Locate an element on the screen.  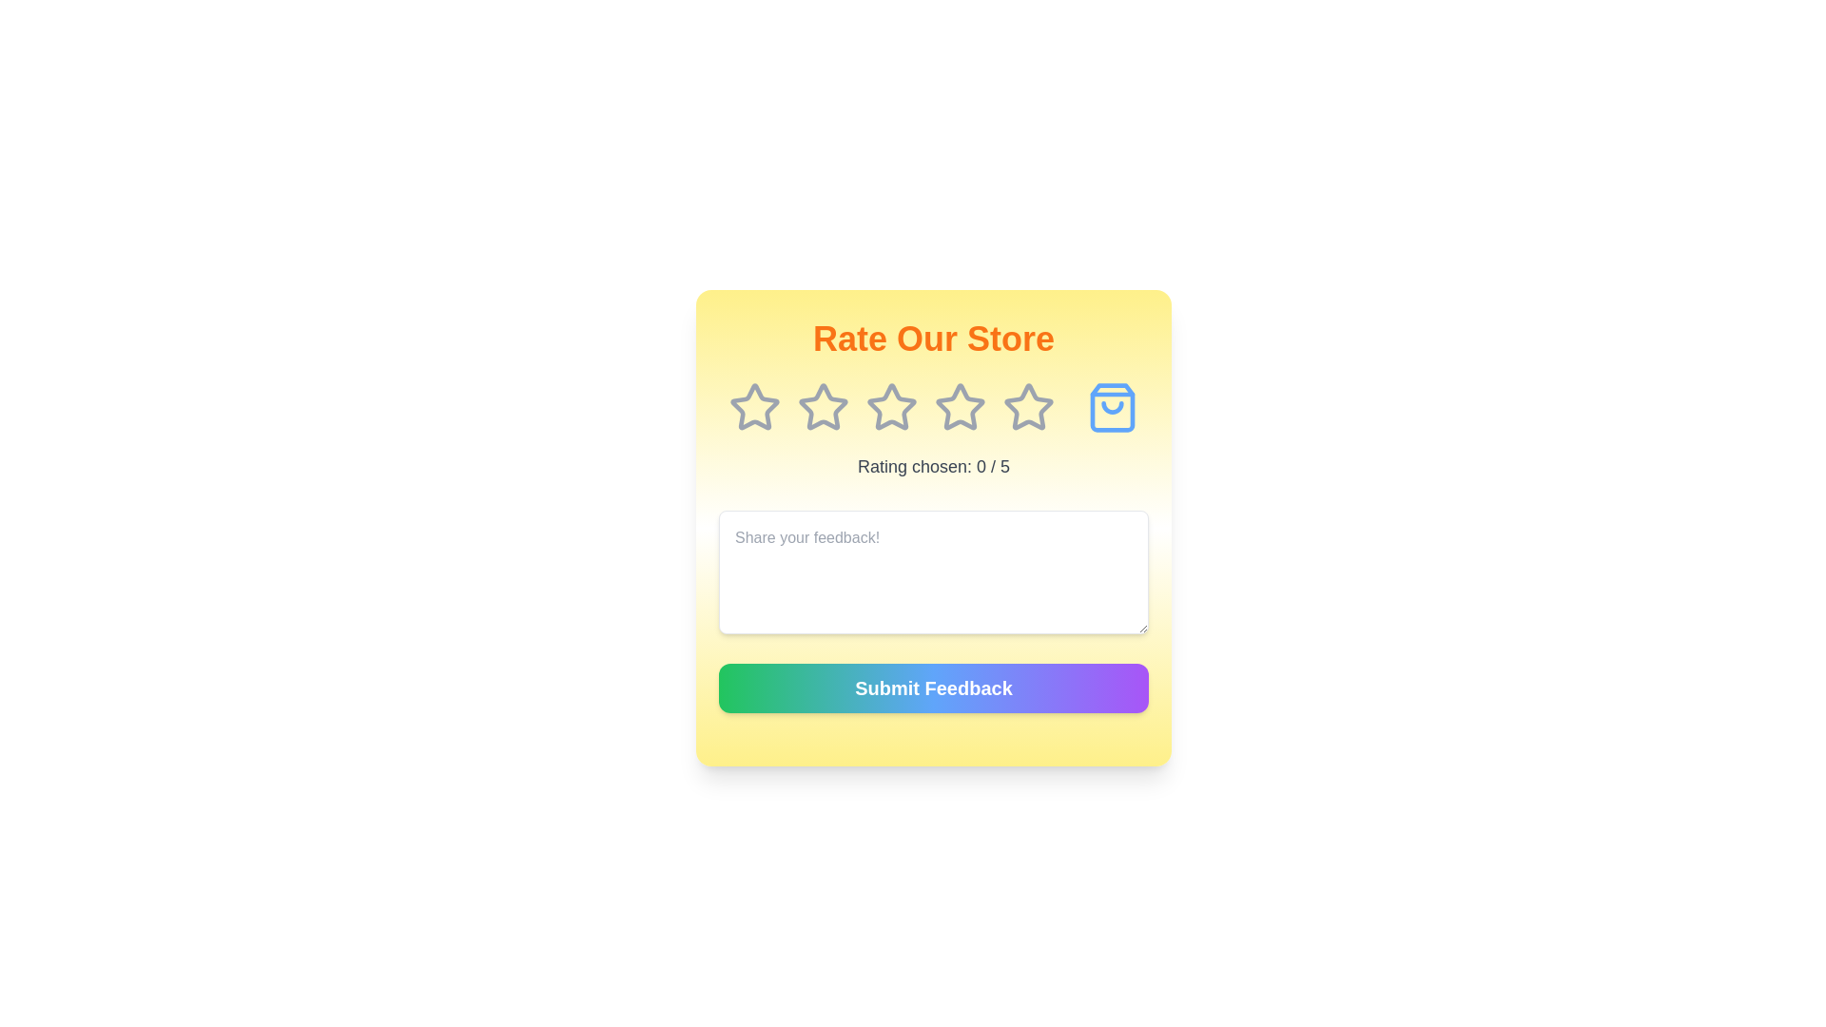
'Submit Feedback' button to submit the rating and feedback is located at coordinates (934, 688).